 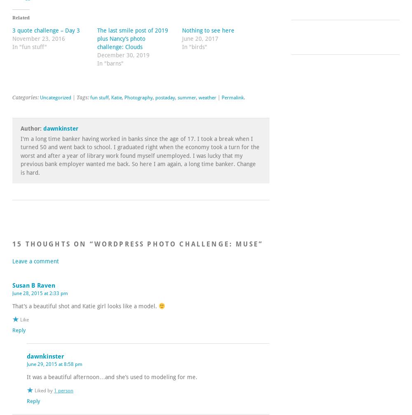 I want to click on 'Permalink', so click(x=232, y=98).